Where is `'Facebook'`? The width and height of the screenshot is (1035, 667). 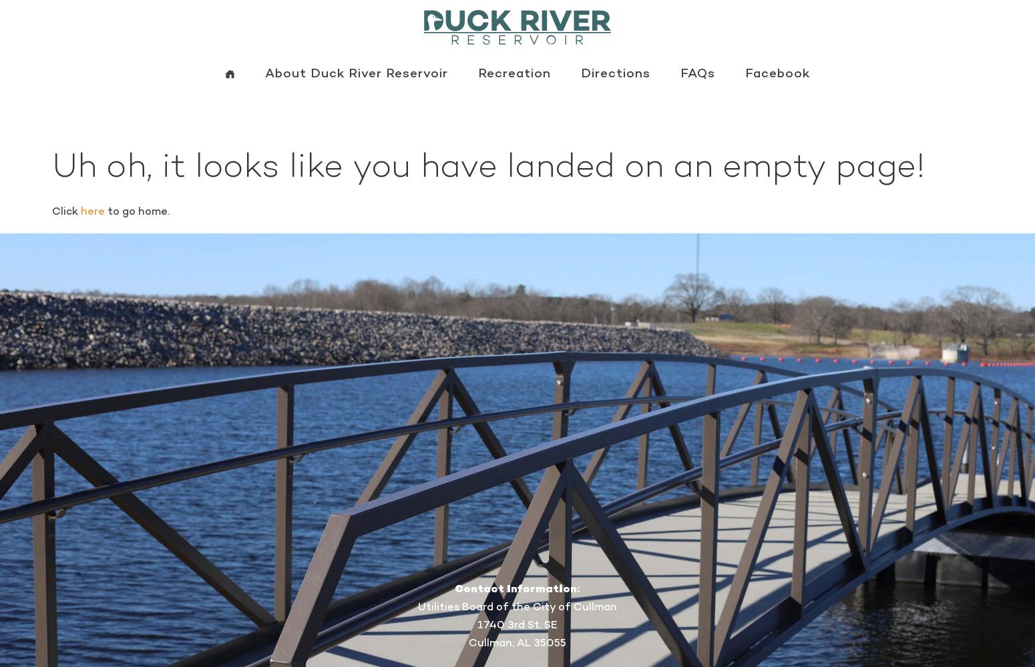 'Facebook' is located at coordinates (777, 71).